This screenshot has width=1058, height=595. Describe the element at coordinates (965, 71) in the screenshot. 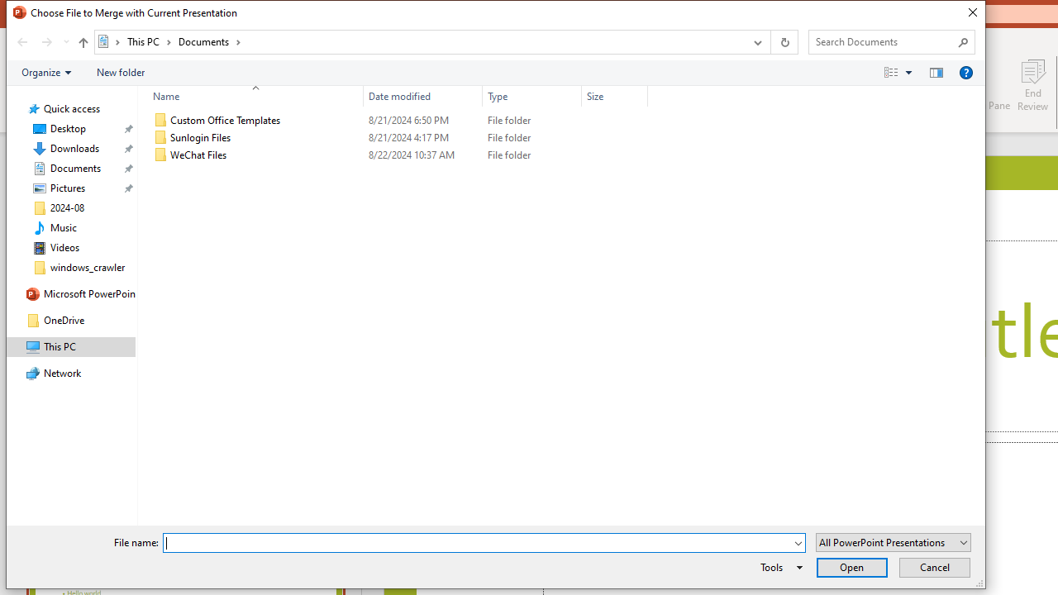

I see `'&Help'` at that location.